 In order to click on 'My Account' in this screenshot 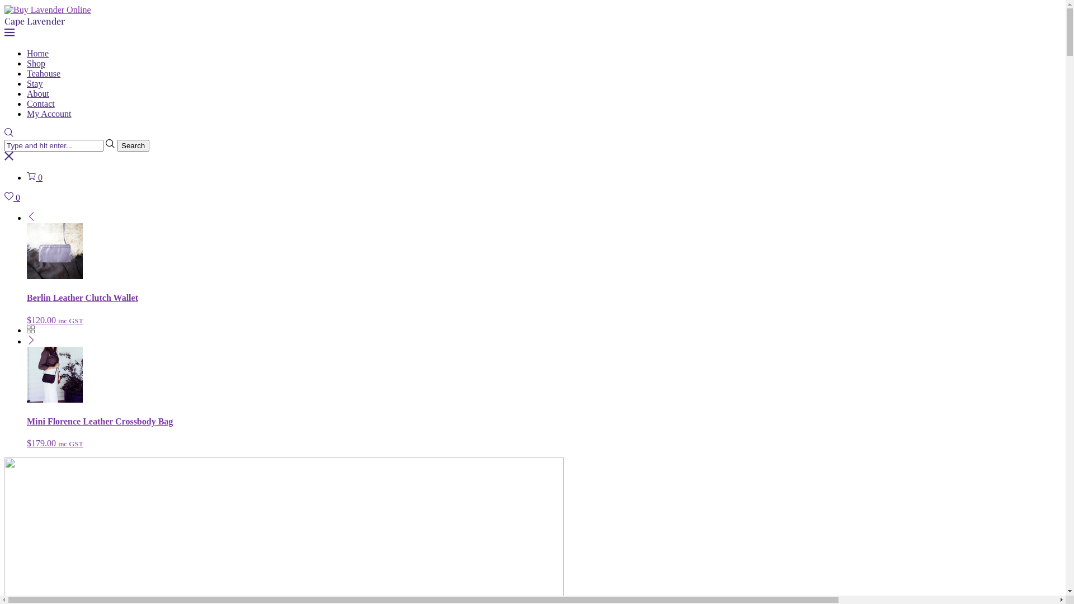, I will do `click(27, 114)`.